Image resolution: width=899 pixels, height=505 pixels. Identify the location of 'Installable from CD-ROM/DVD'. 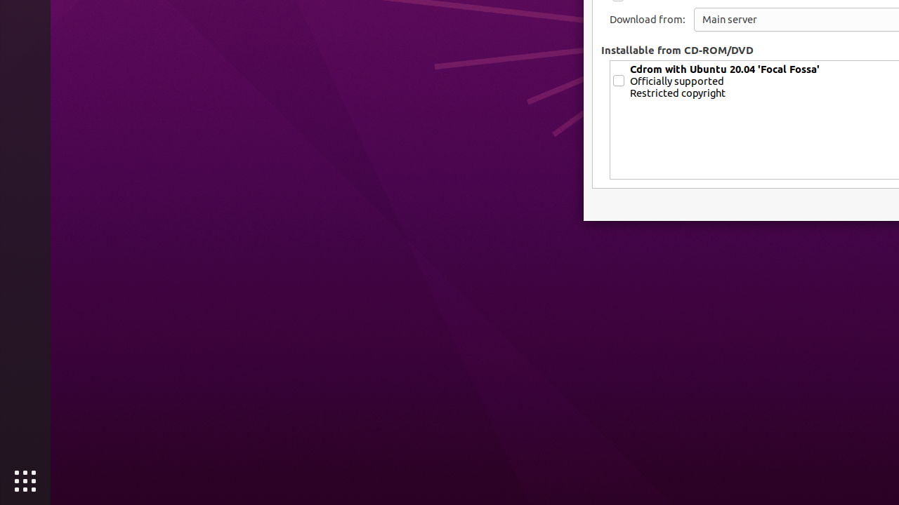
(677, 49).